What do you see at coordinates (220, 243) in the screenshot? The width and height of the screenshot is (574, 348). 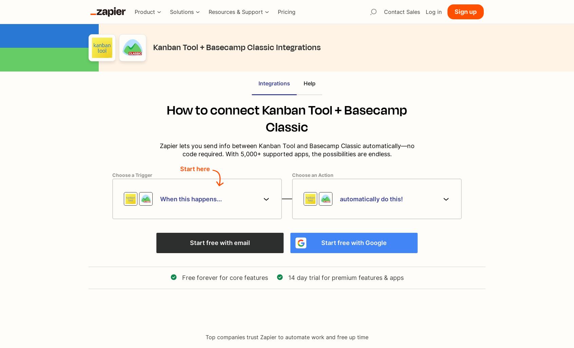 I see `'Start free with email'` at bounding box center [220, 243].